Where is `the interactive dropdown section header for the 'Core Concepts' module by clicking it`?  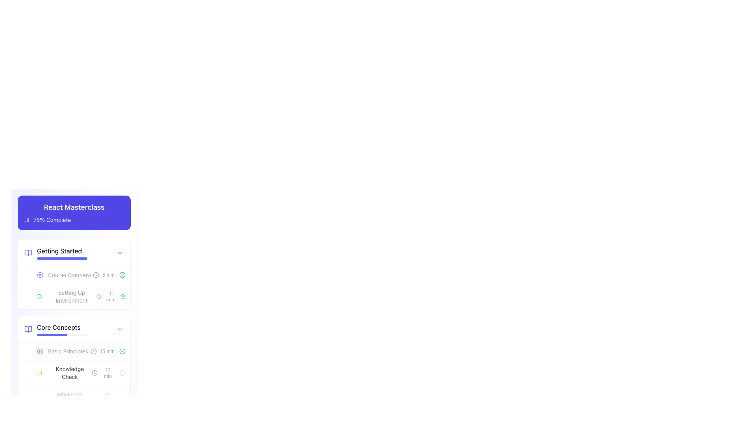
the interactive dropdown section header for the 'Core Concepts' module by clicking it is located at coordinates (74, 329).